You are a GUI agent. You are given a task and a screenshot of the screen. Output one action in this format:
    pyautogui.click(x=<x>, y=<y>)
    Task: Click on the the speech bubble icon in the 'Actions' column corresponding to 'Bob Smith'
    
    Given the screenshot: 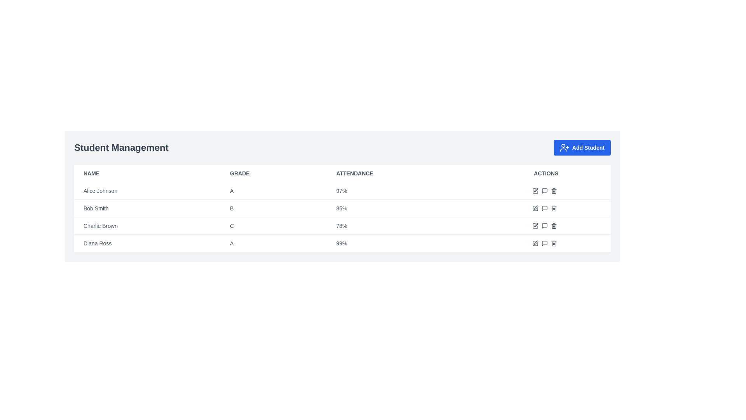 What is the action you would take?
    pyautogui.click(x=544, y=208)
    